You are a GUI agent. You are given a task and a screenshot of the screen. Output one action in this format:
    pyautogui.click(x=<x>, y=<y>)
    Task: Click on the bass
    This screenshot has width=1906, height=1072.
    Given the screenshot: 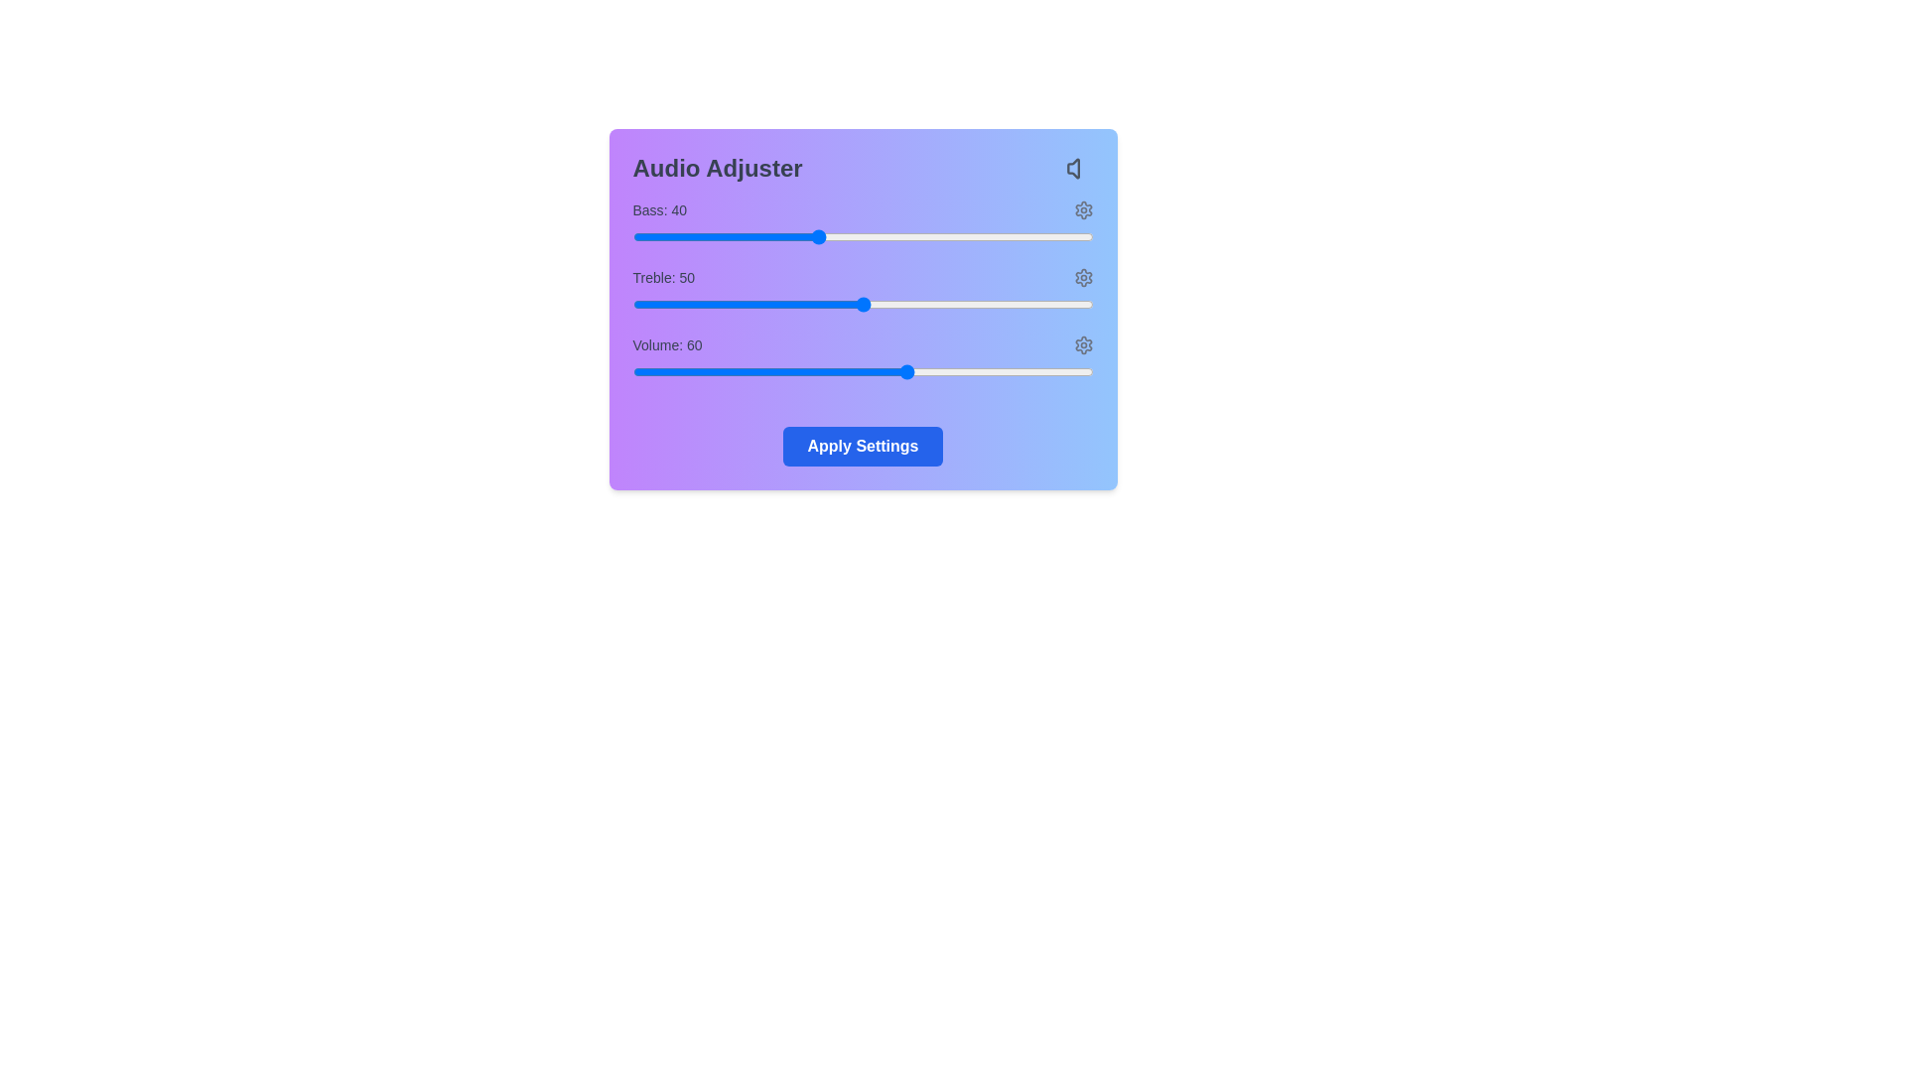 What is the action you would take?
    pyautogui.click(x=631, y=228)
    